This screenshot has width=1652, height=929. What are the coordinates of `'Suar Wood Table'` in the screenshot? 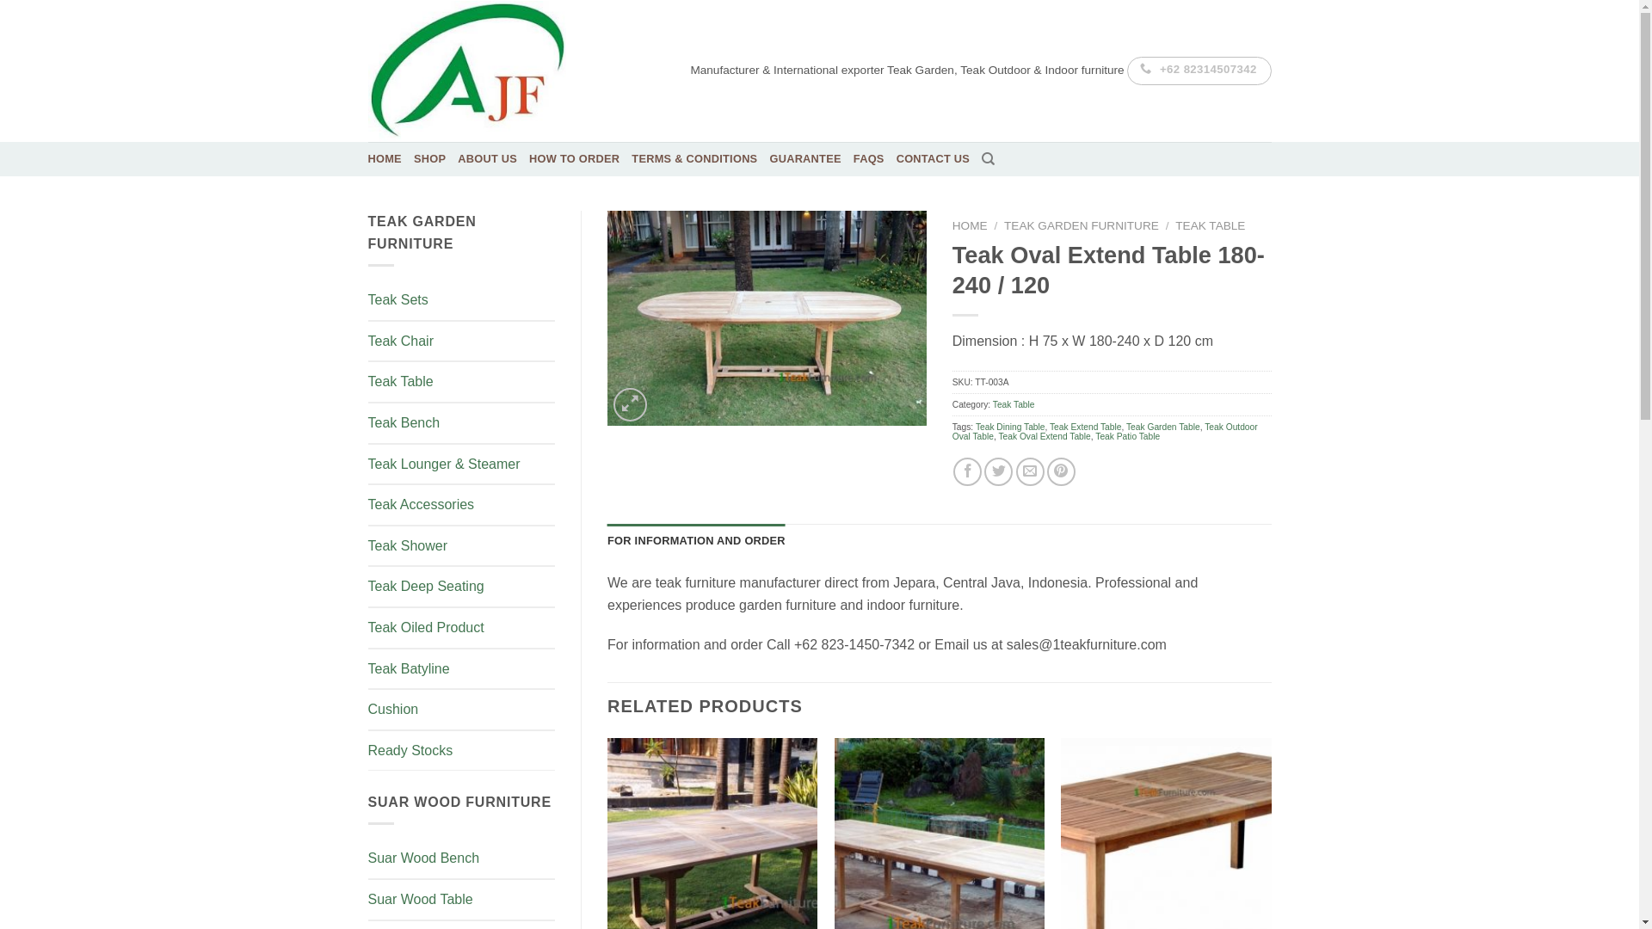 It's located at (462, 899).